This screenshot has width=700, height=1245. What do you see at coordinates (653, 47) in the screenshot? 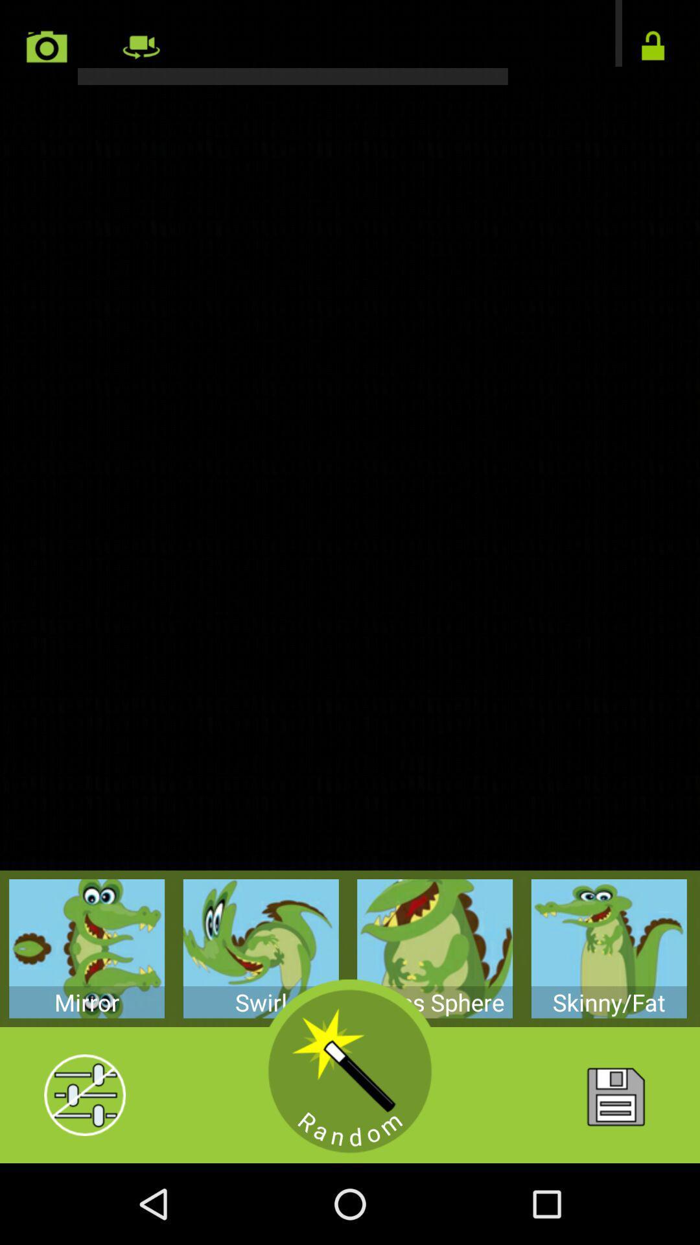
I see `the item at the top right corner` at bounding box center [653, 47].